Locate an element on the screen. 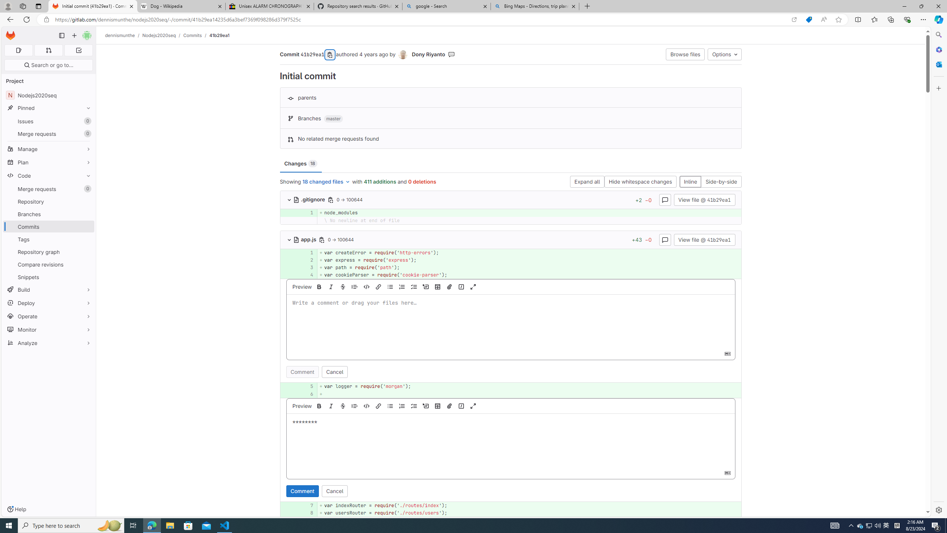  '7' is located at coordinates (306, 505).